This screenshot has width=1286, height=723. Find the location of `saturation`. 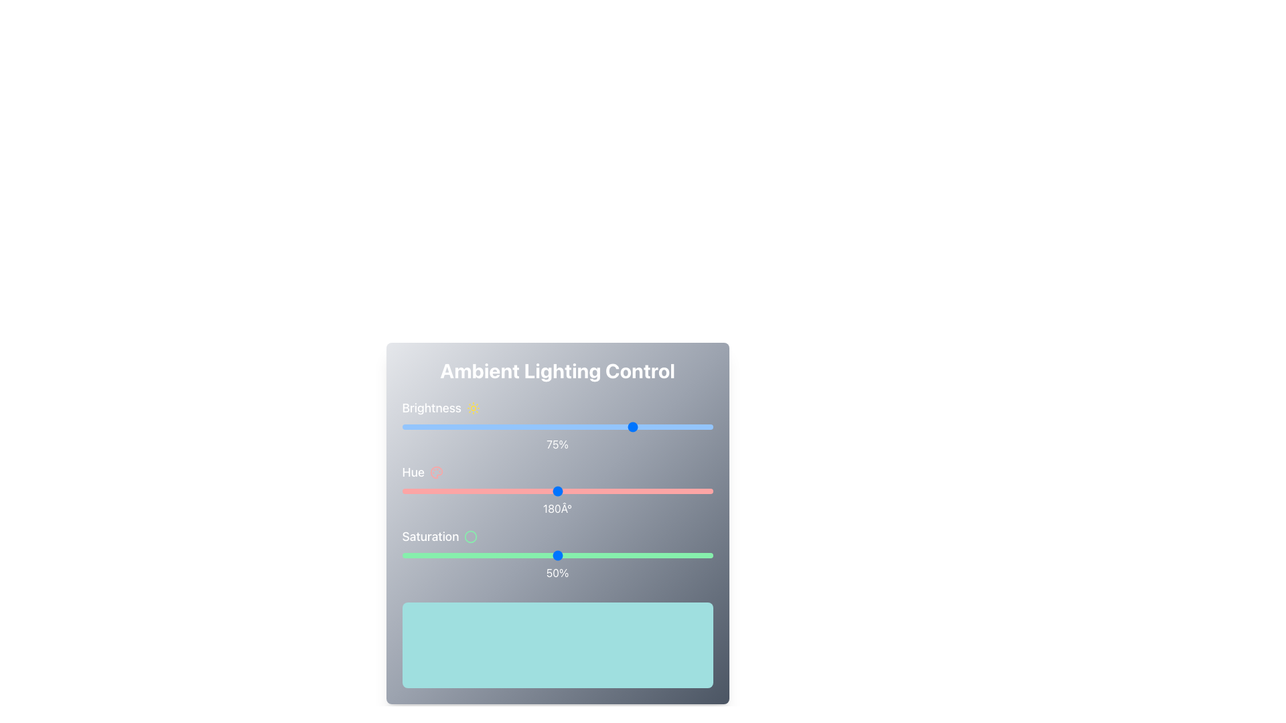

saturation is located at coordinates (706, 555).